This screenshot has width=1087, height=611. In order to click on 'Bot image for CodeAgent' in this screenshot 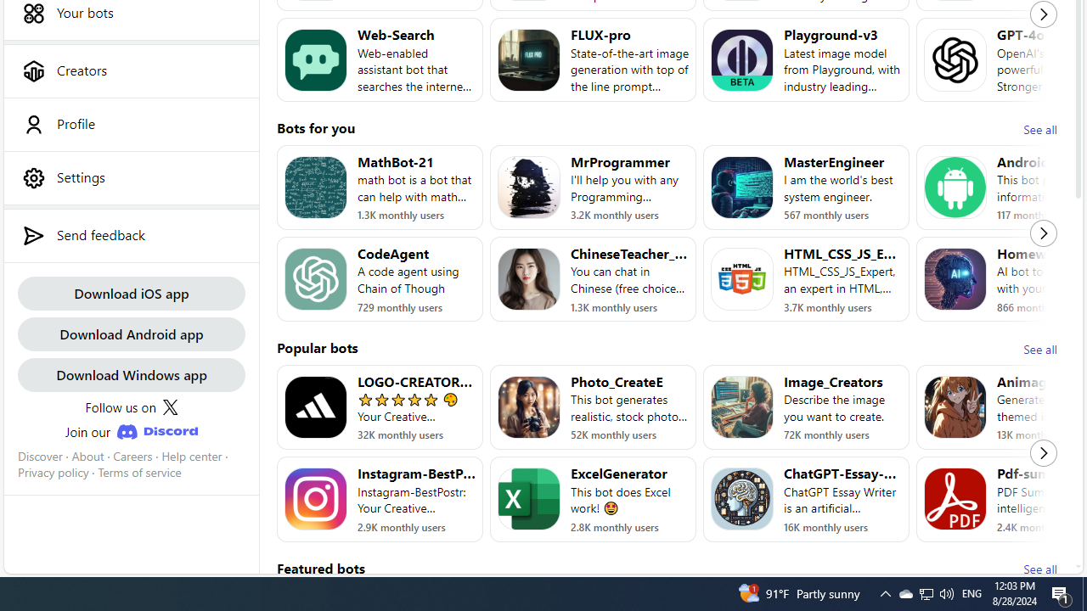, I will do `click(315, 278)`.